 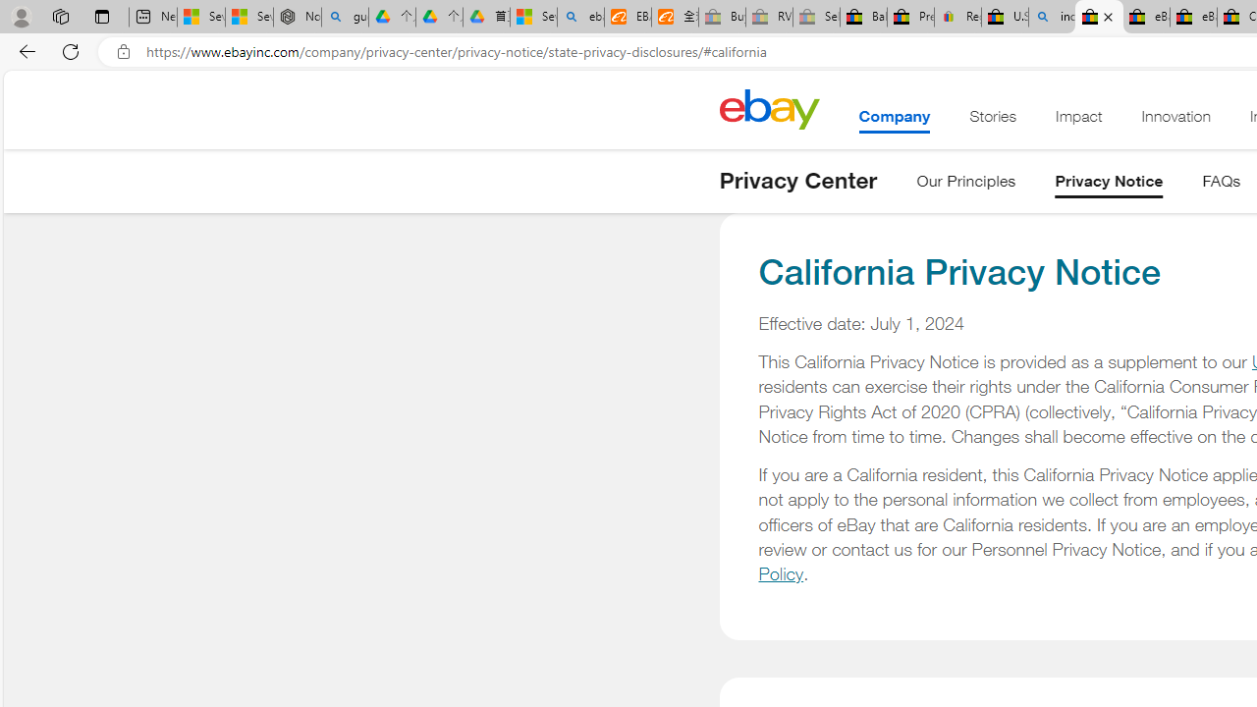 What do you see at coordinates (24, 50) in the screenshot?
I see `'Back'` at bounding box center [24, 50].